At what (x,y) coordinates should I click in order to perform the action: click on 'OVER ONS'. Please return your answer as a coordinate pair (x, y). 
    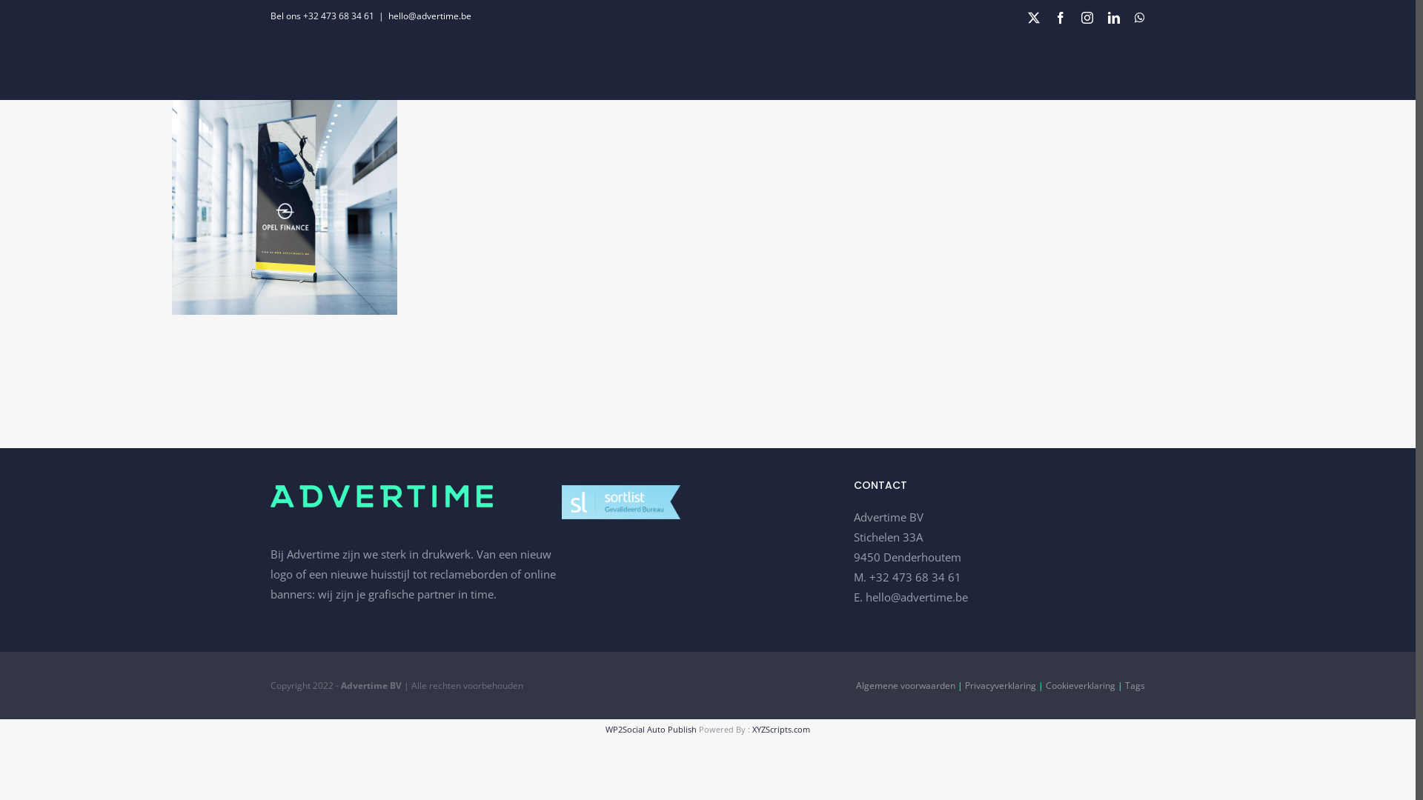
    Looking at the image, I should click on (548, 64).